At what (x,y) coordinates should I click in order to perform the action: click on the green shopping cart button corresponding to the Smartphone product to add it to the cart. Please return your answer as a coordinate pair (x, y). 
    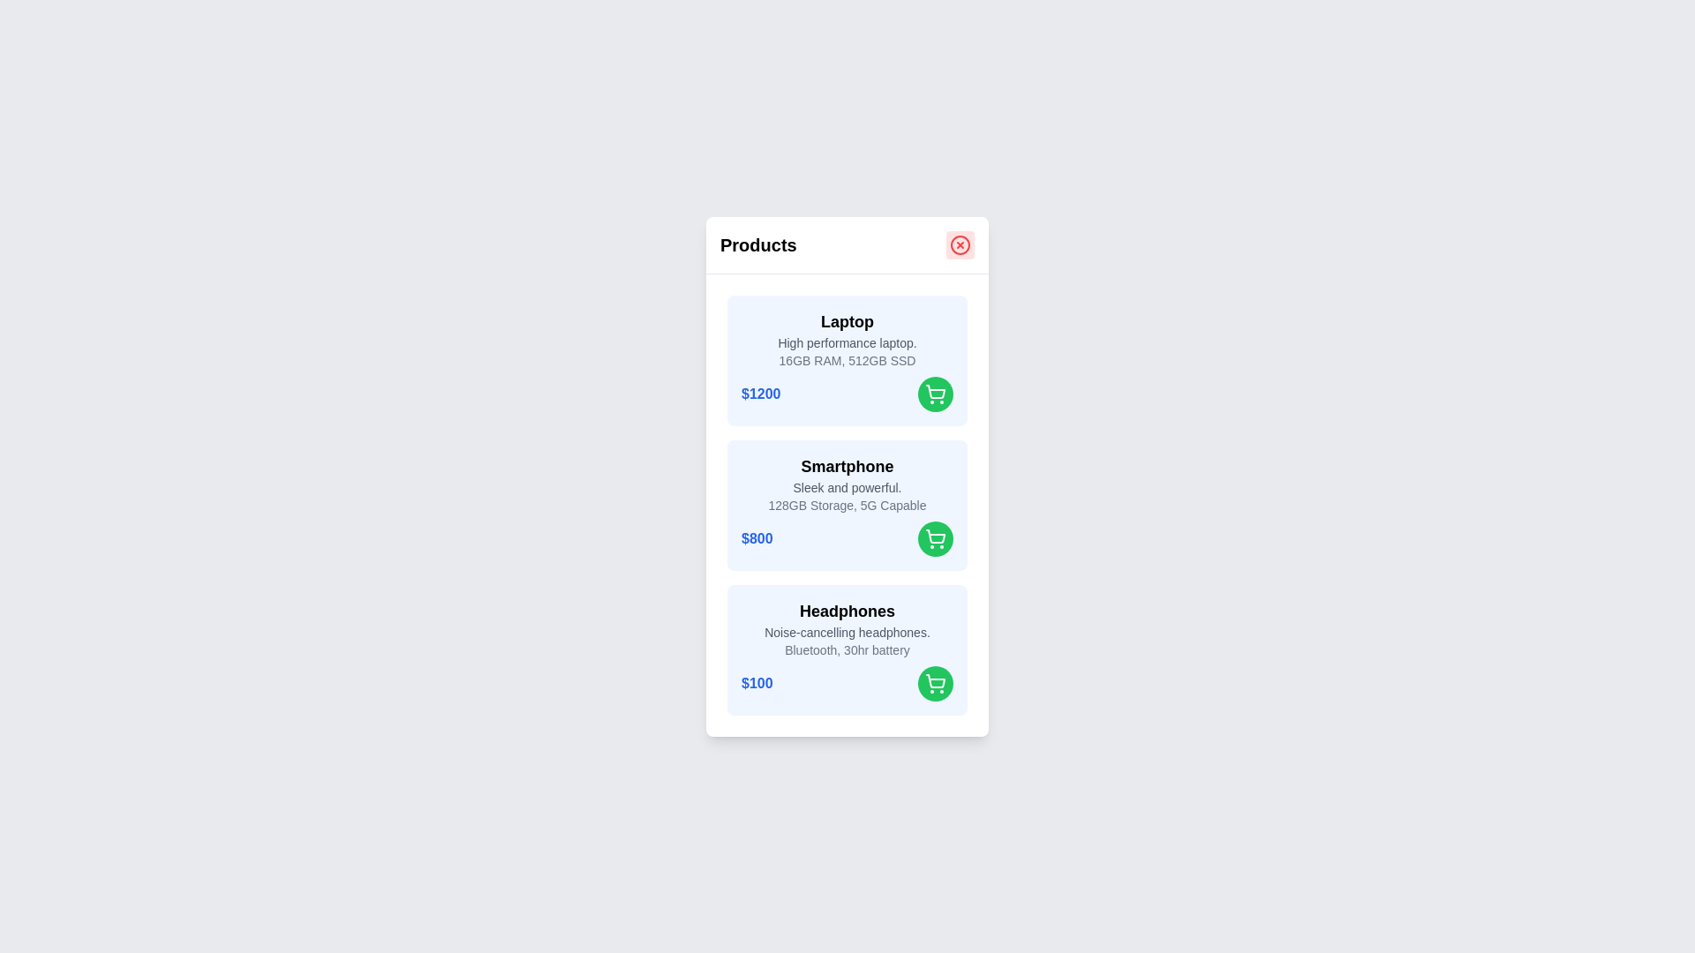
    Looking at the image, I should click on (935, 537).